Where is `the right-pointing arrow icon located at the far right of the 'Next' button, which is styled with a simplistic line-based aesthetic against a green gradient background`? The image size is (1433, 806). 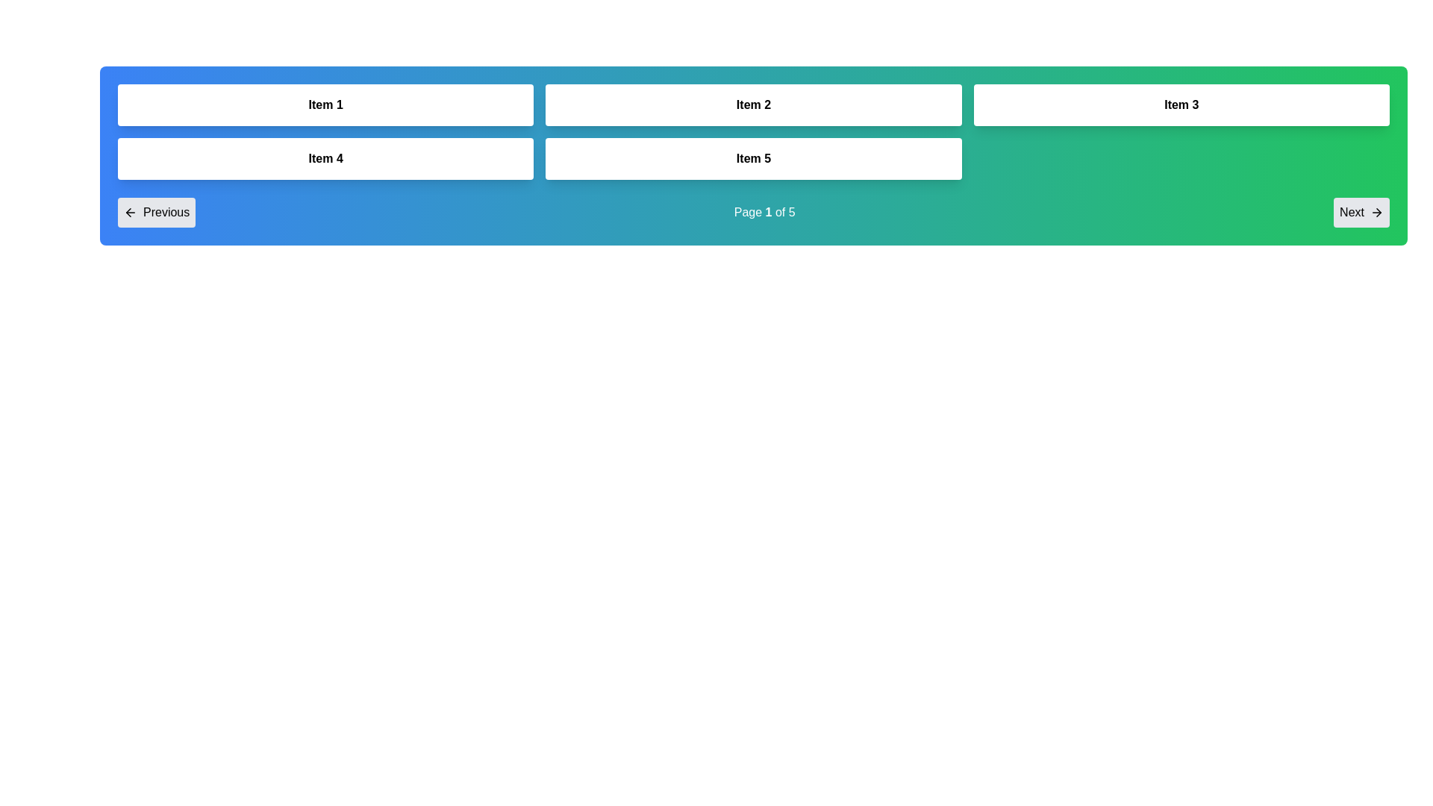
the right-pointing arrow icon located at the far right of the 'Next' button, which is styled with a simplistic line-based aesthetic against a green gradient background is located at coordinates (1378, 213).